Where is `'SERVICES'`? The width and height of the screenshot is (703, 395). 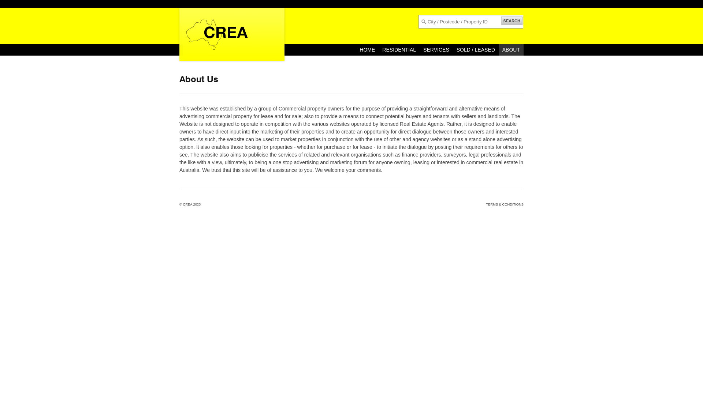
'SERVICES' is located at coordinates (436, 49).